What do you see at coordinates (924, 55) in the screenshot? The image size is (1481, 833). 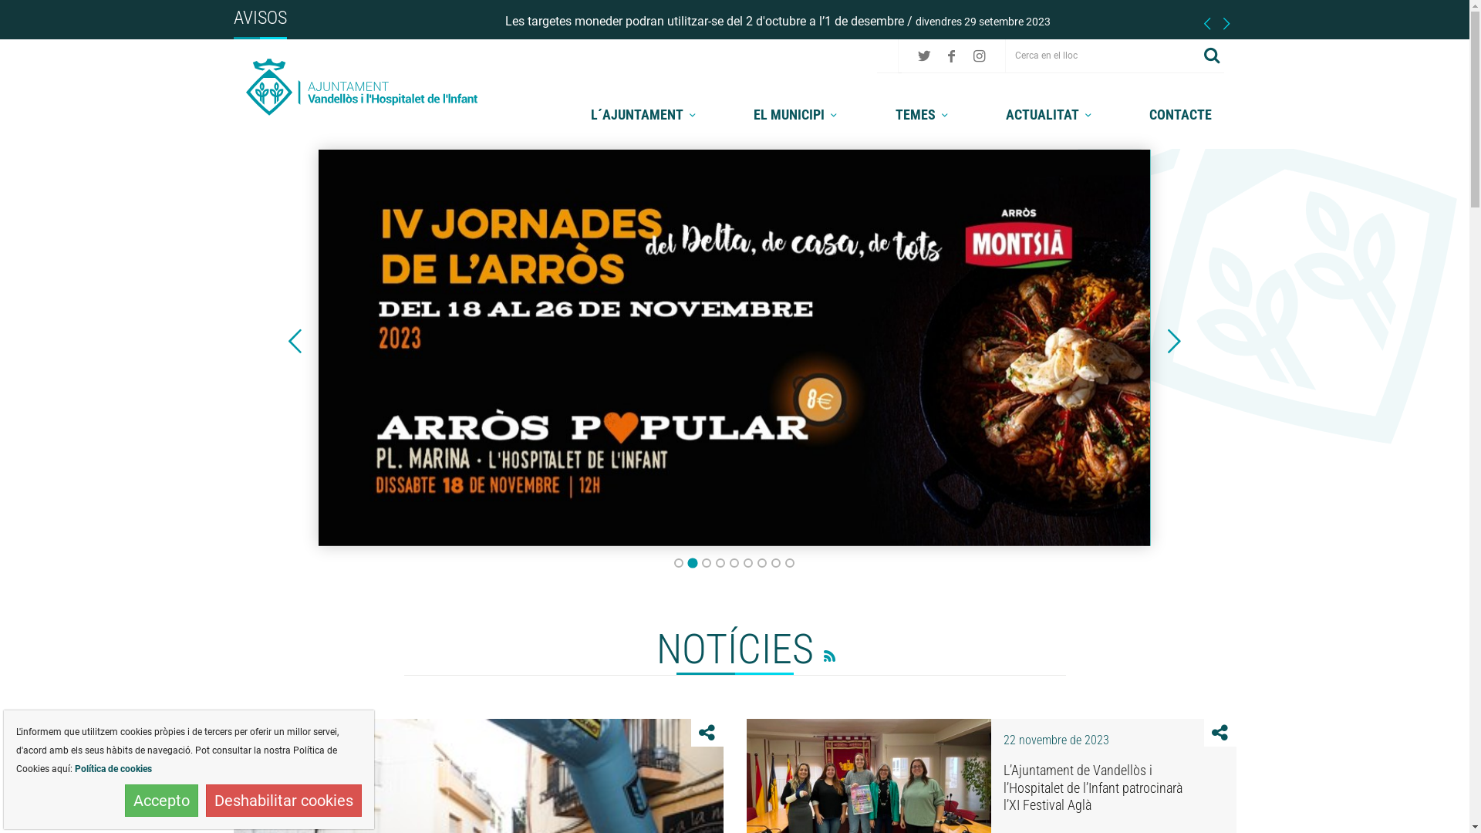 I see `'Twitter'` at bounding box center [924, 55].